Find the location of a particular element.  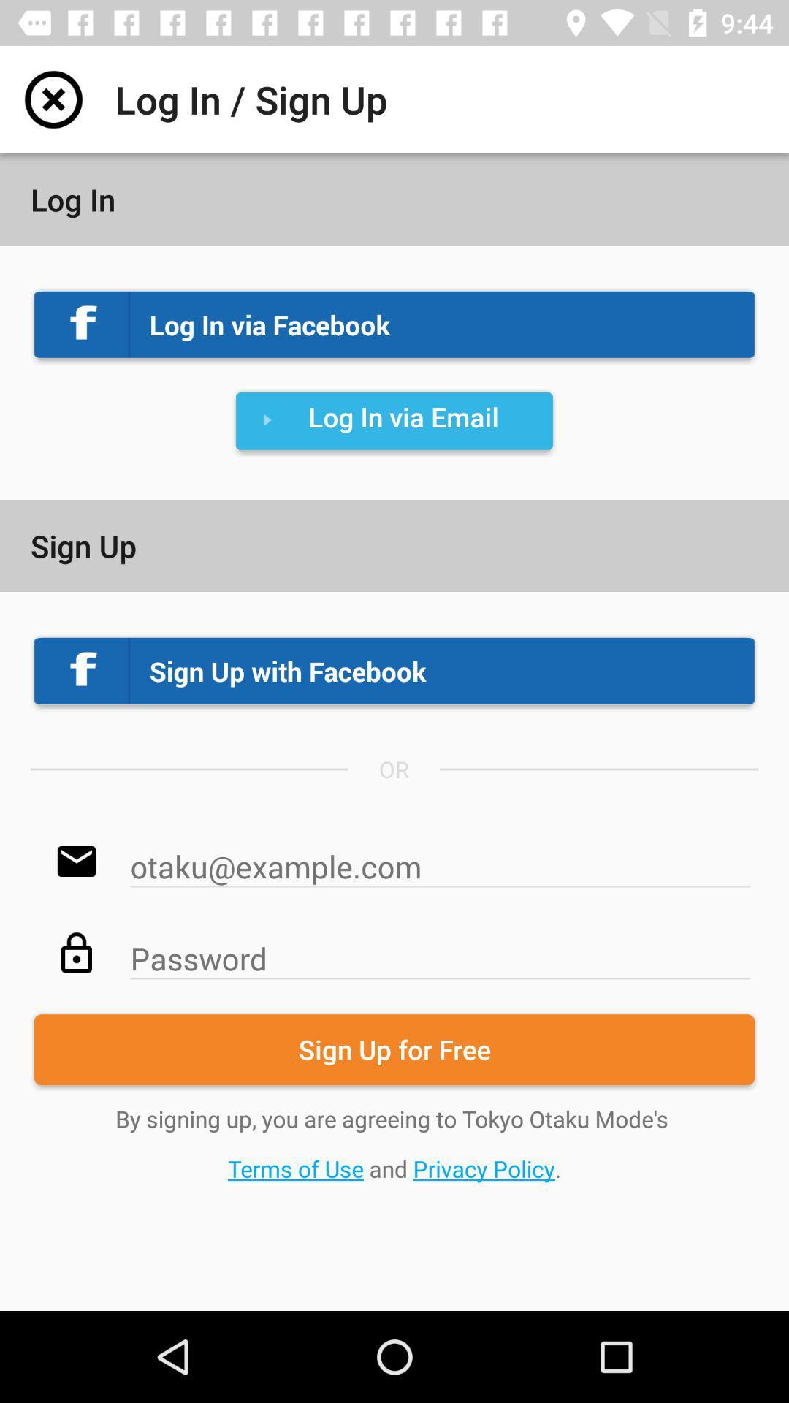

email option is located at coordinates (439, 859).